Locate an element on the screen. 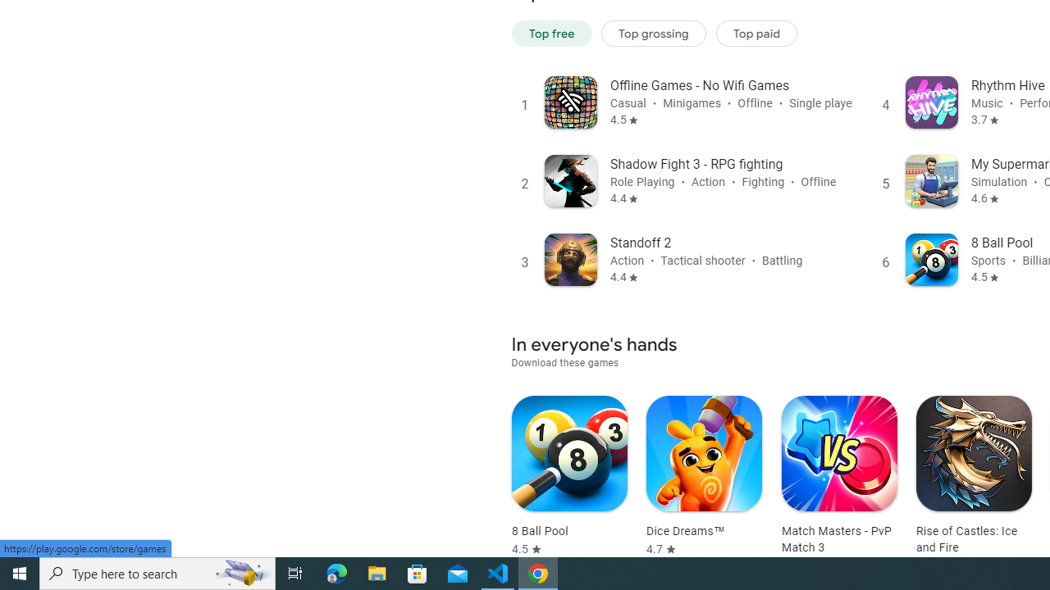 This screenshot has width=1050, height=590. 'Top grossing' is located at coordinates (653, 33).